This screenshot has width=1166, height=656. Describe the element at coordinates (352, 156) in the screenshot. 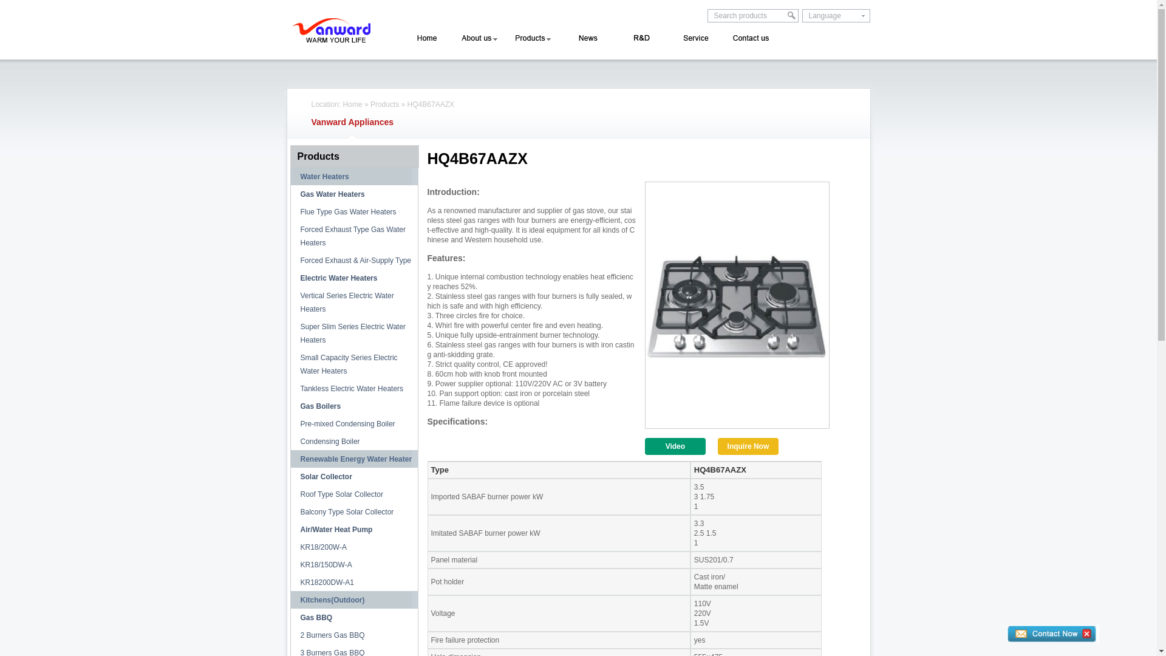

I see `'Products'` at that location.